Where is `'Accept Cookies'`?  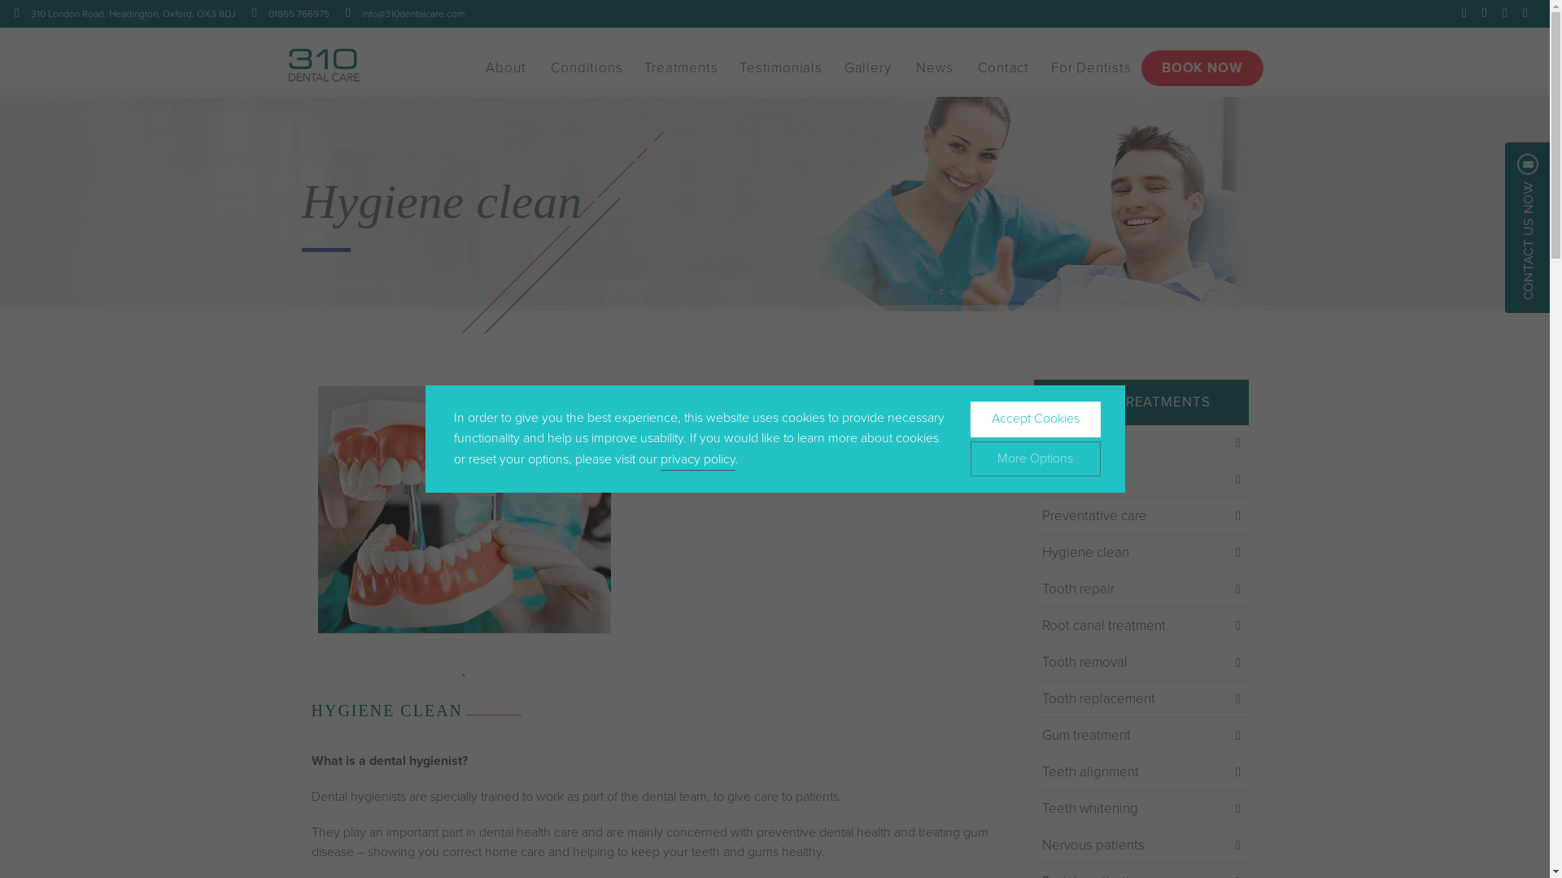 'Accept Cookies' is located at coordinates (1034, 418).